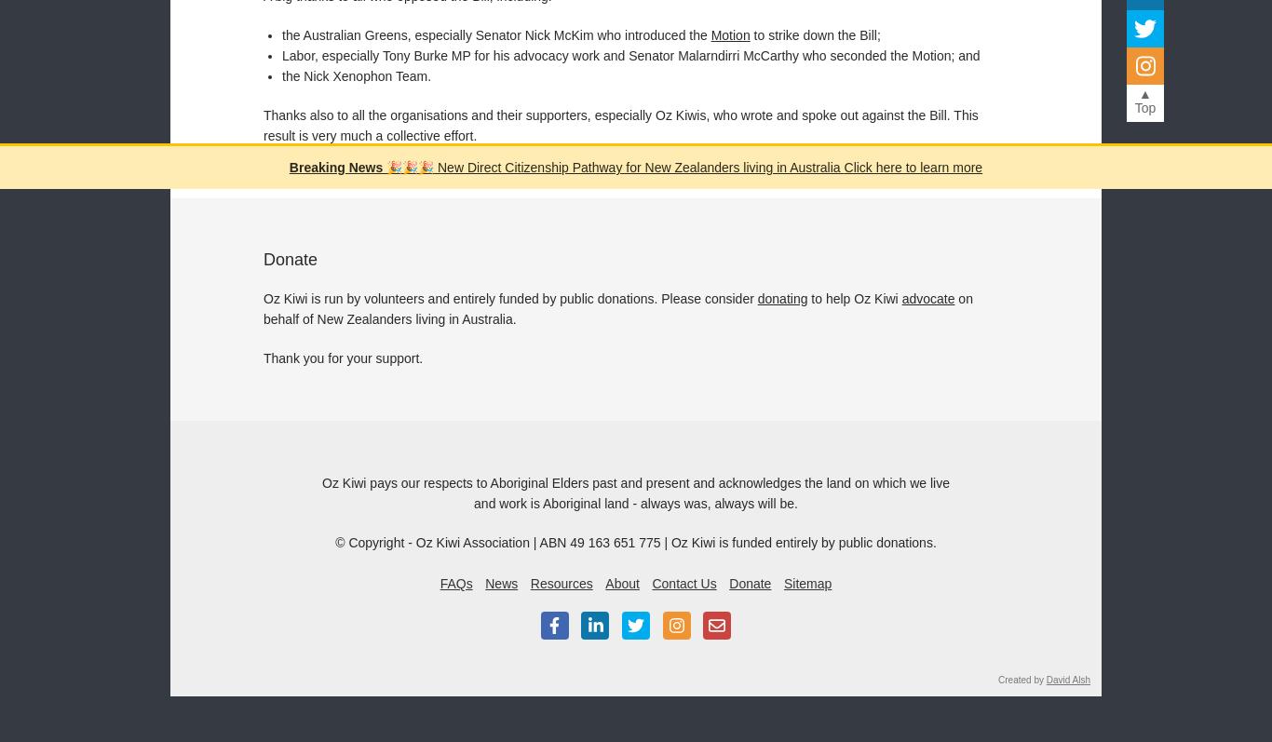  I want to click on 'Sitemap', so click(806, 581).